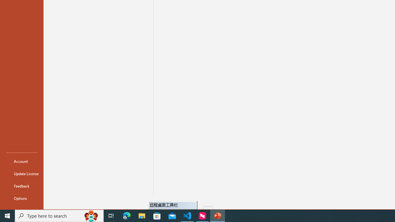 Image resolution: width=395 pixels, height=222 pixels. Describe the element at coordinates (22, 186) in the screenshot. I see `'Feedback'` at that location.